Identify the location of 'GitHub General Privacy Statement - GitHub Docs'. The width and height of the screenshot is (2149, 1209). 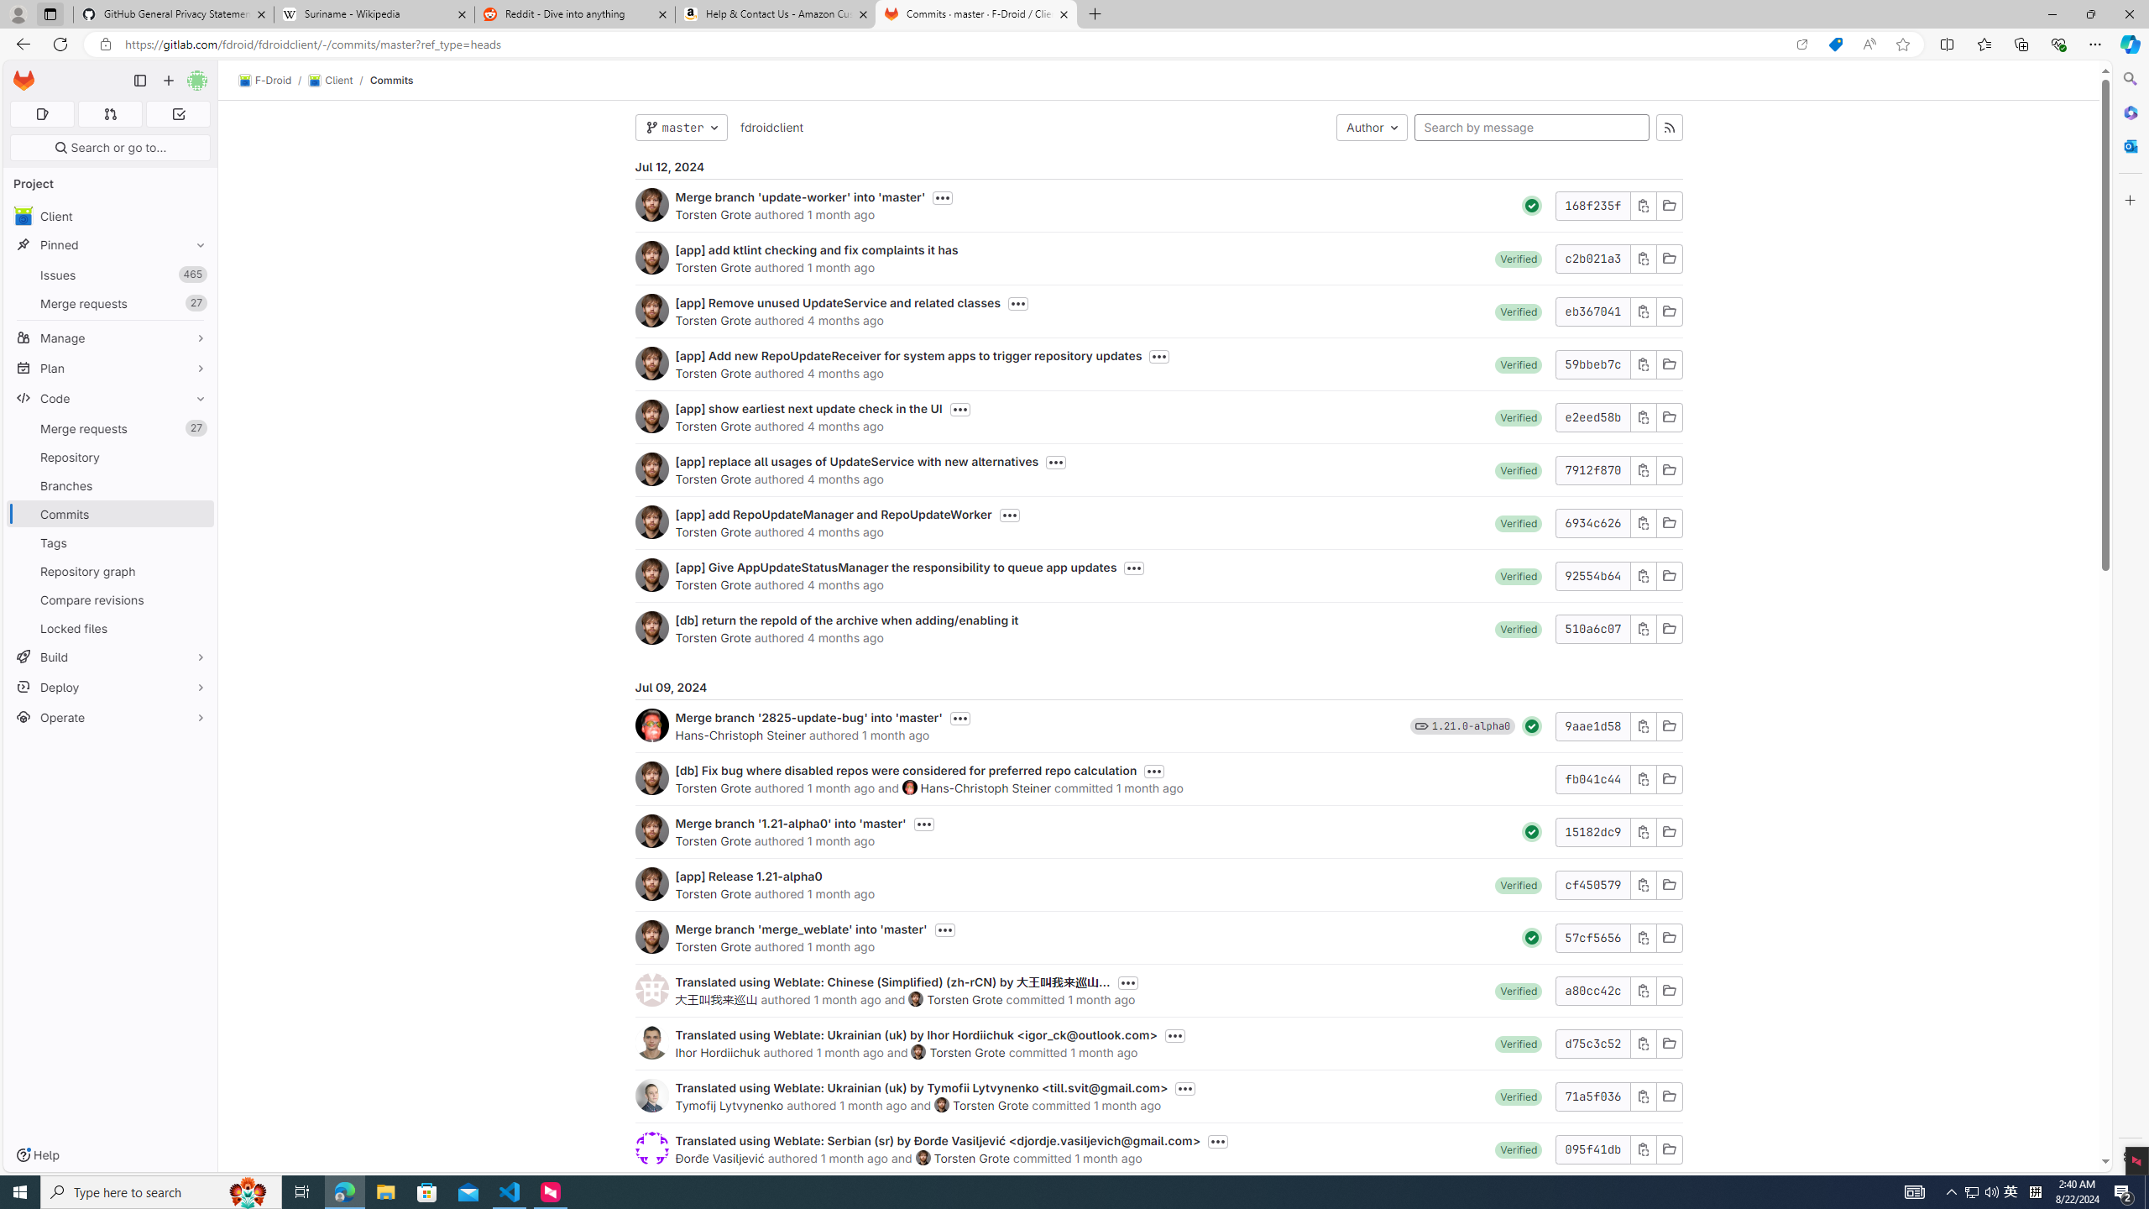
(174, 13).